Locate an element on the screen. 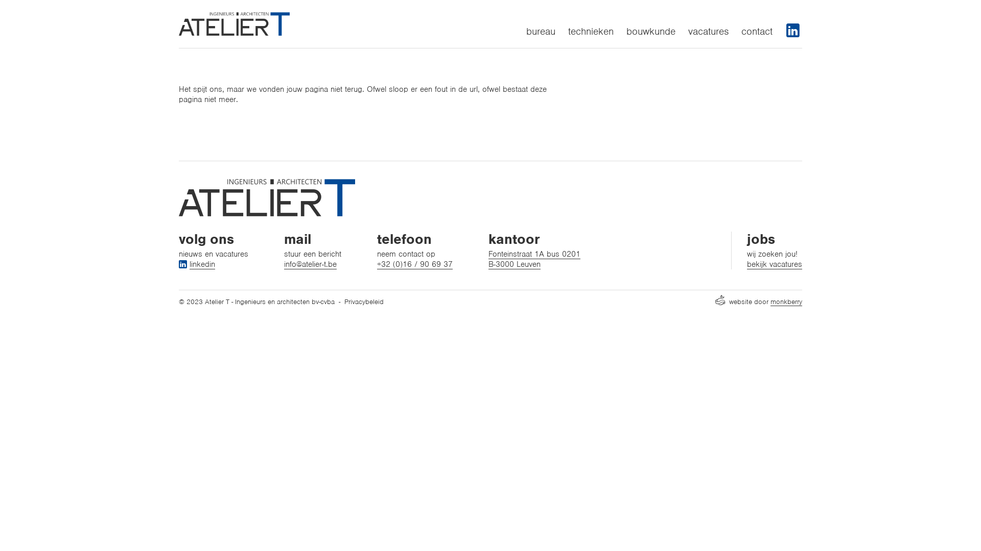  'bureau' is located at coordinates (540, 31).